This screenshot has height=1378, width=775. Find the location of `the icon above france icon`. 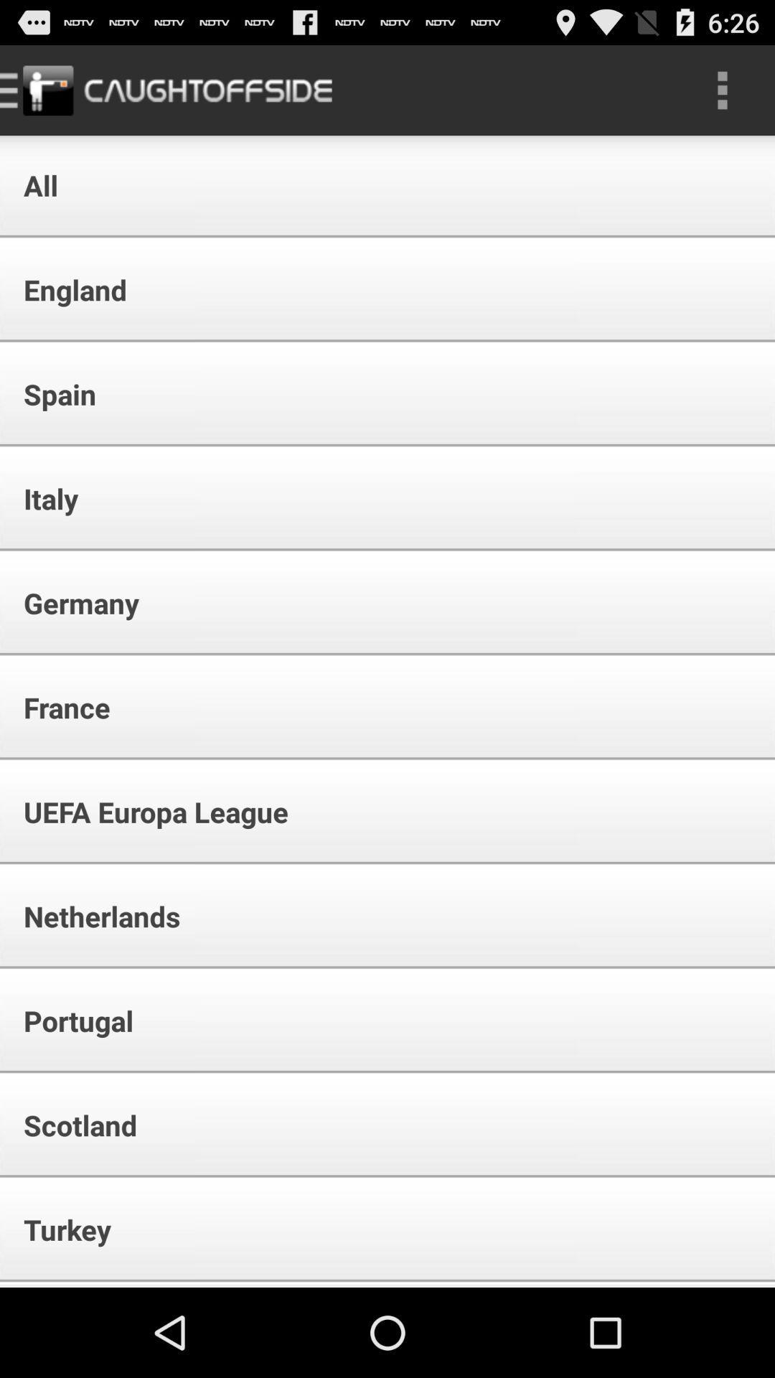

the icon above france icon is located at coordinates (72, 603).